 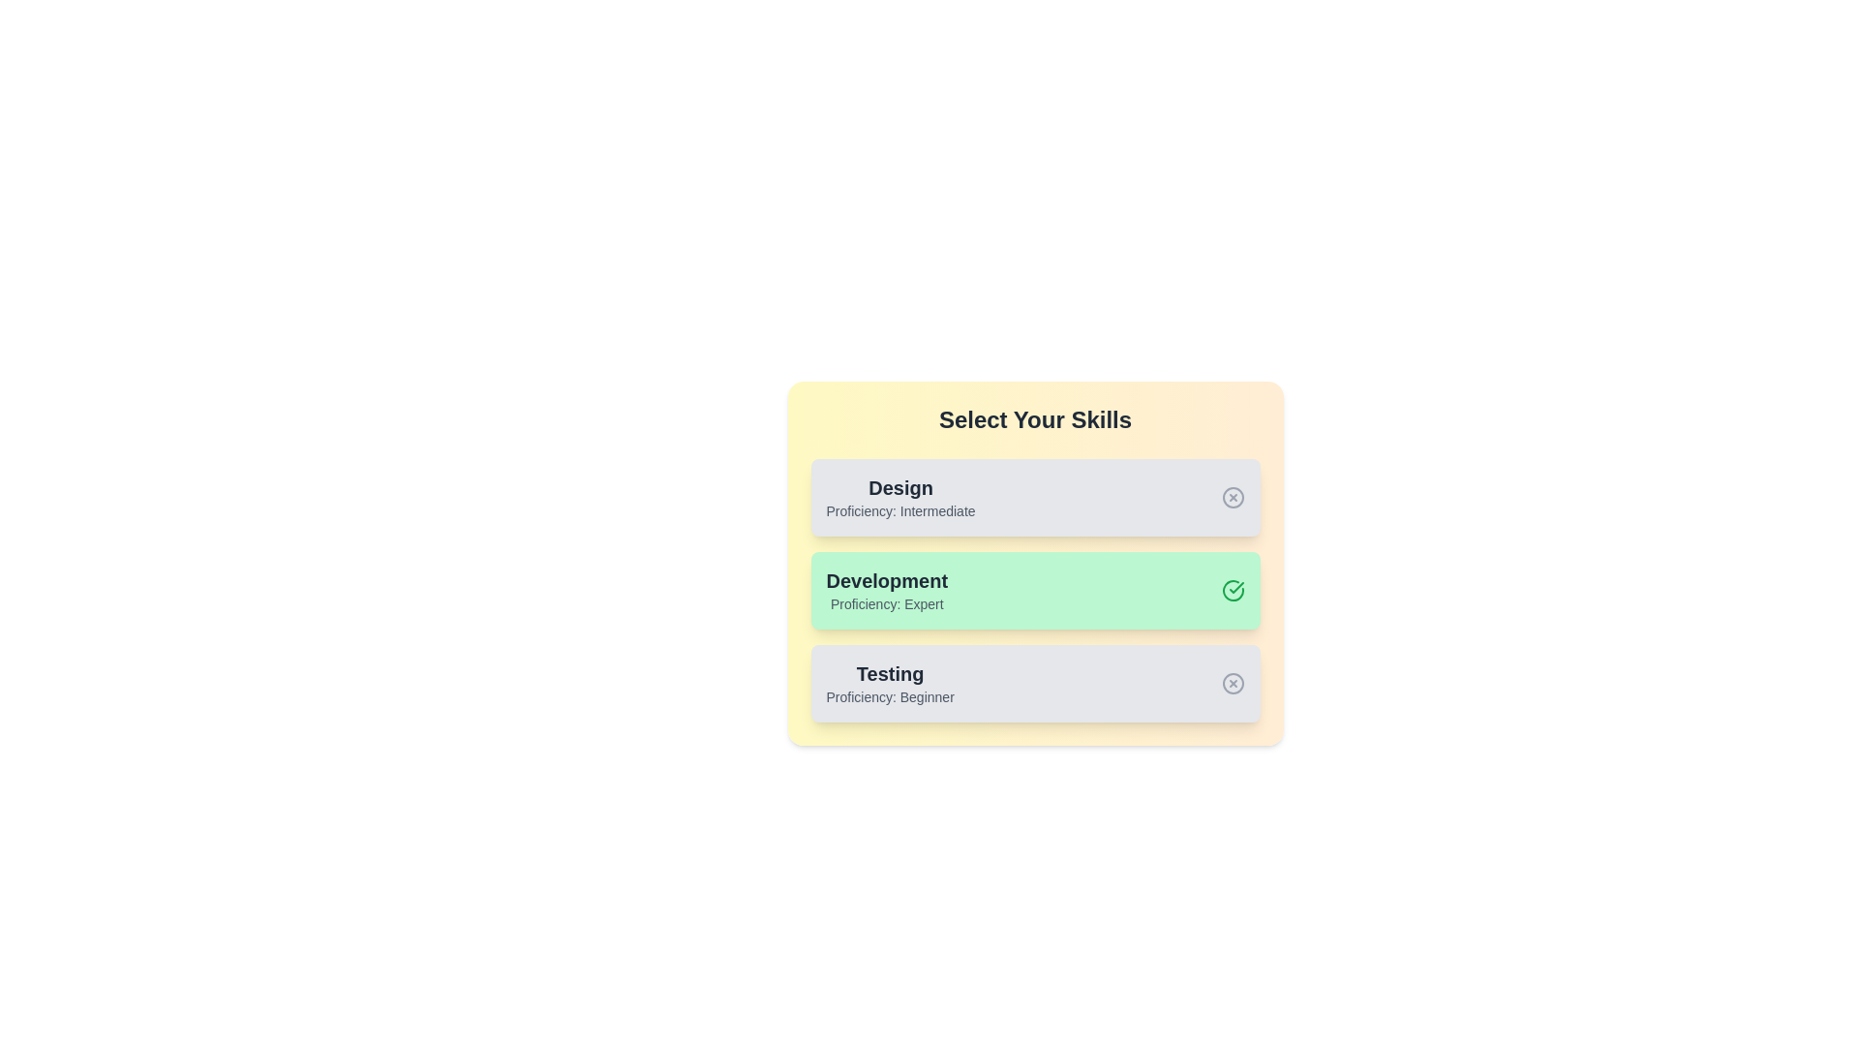 What do you see at coordinates (1034, 589) in the screenshot?
I see `the 'Development' skill card to toggle its selection state` at bounding box center [1034, 589].